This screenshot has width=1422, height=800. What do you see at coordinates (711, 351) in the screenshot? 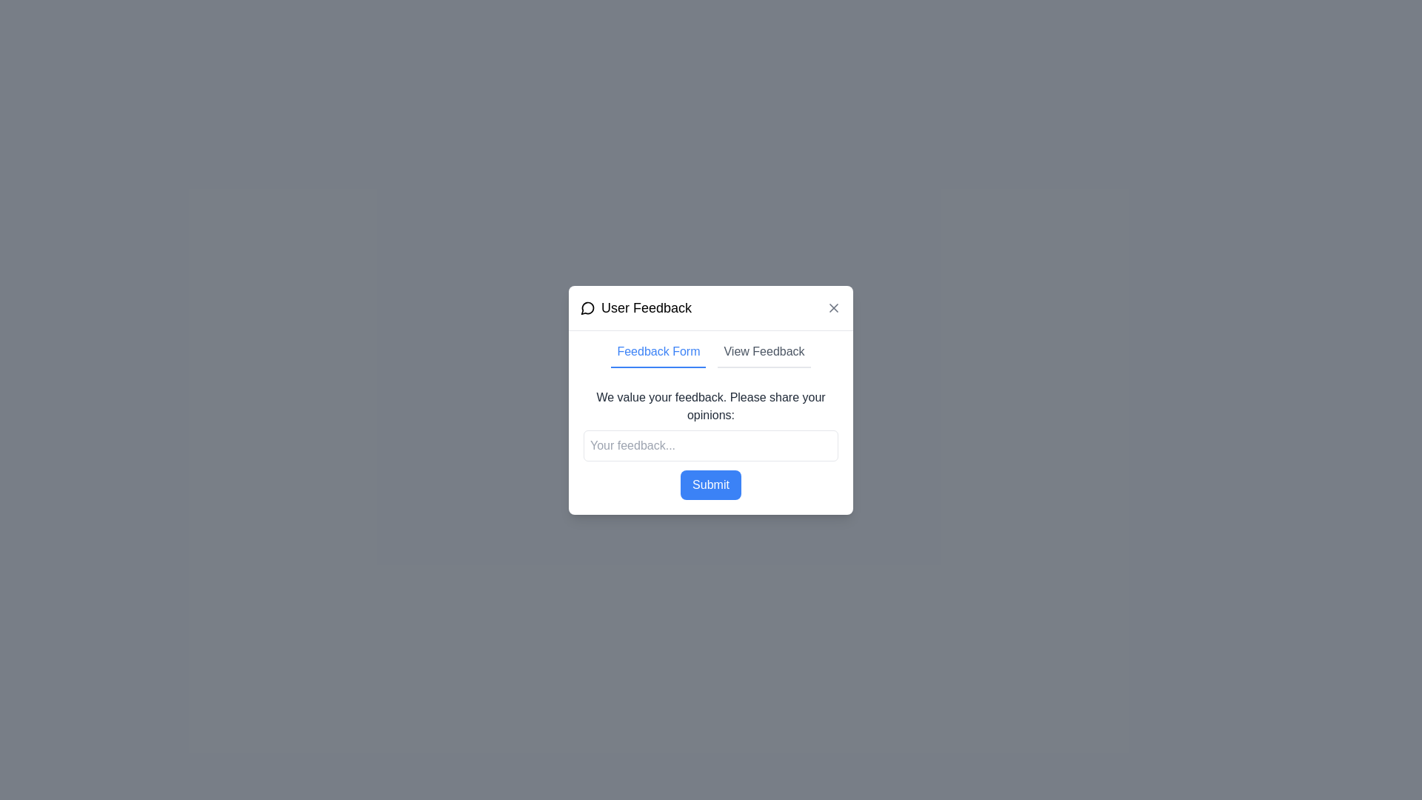
I see `the tab navigation control to switch between the 'Feedback Form' and 'View Feedback' sections in the 'User Feedback' modal` at bounding box center [711, 351].